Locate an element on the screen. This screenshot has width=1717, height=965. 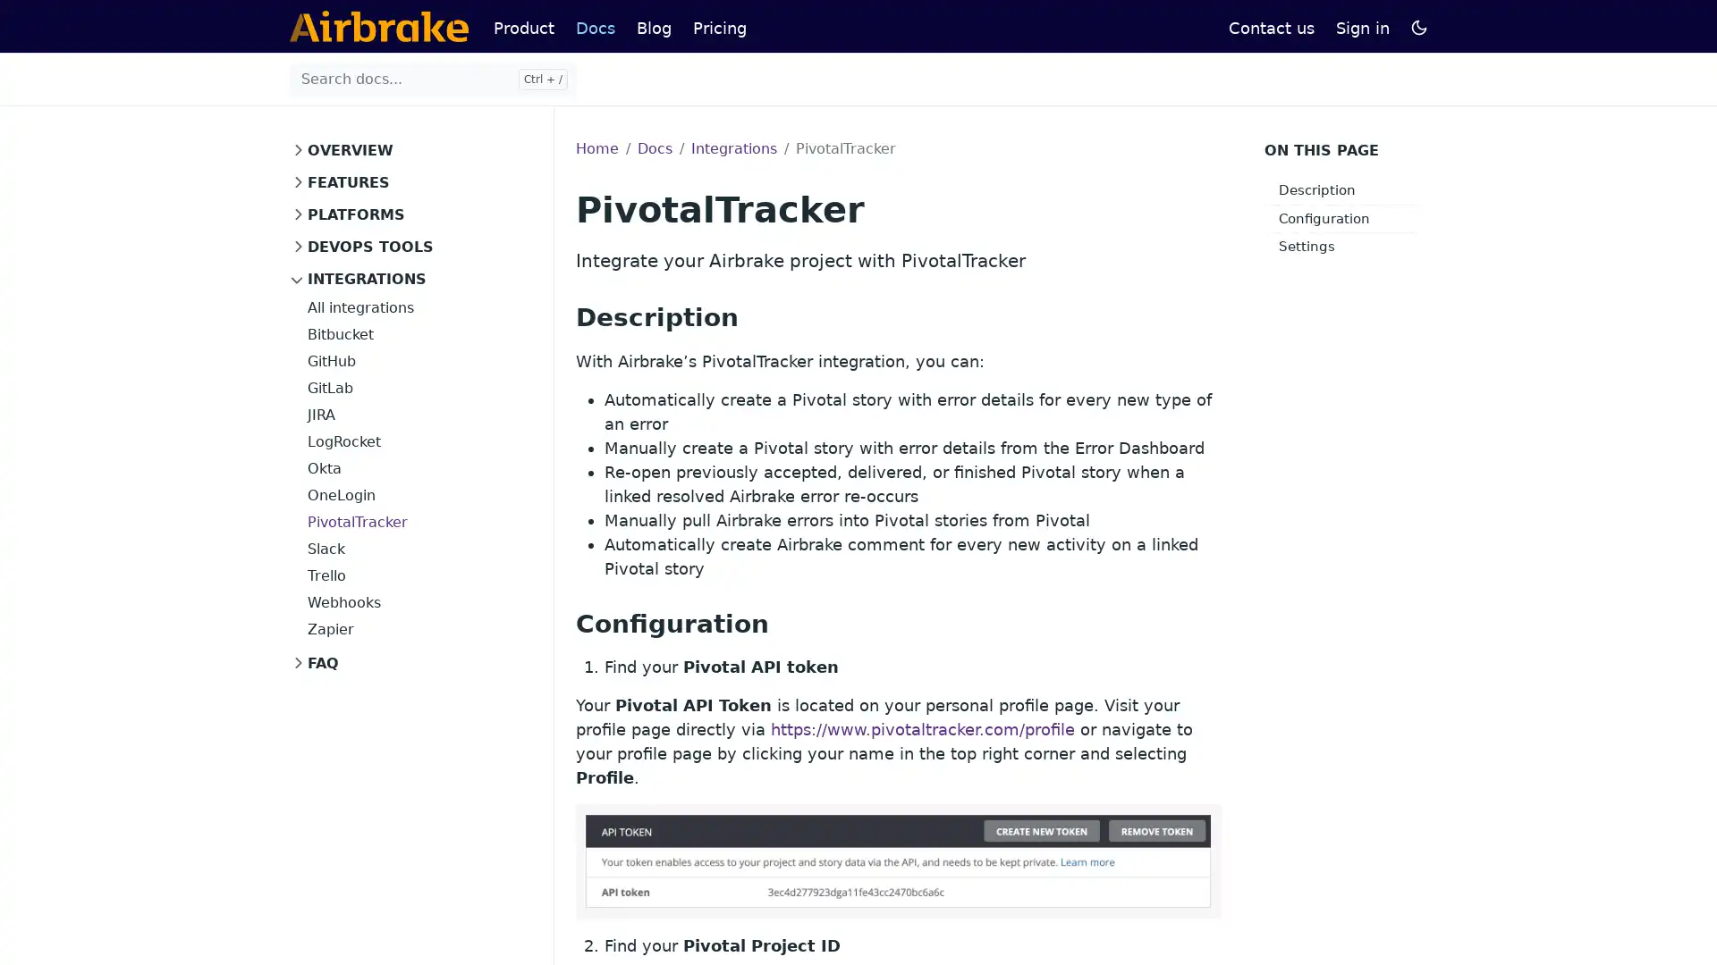
Toggle user interface mode is located at coordinates (1418, 26).